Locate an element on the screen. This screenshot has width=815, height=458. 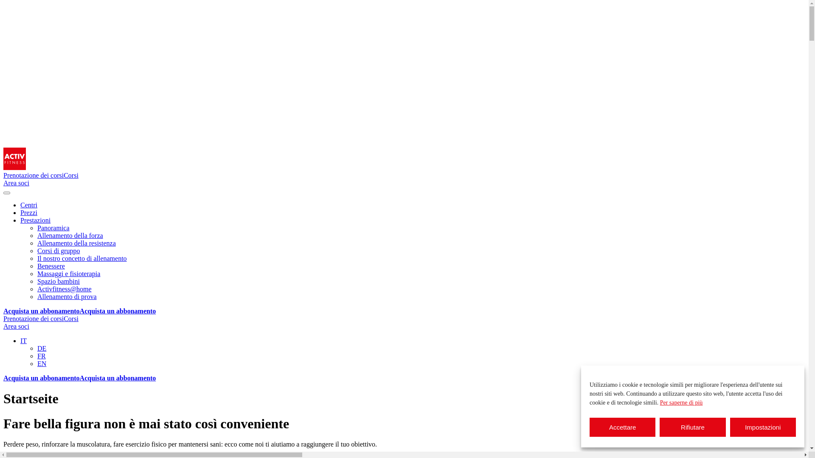
'IT' is located at coordinates (20, 340).